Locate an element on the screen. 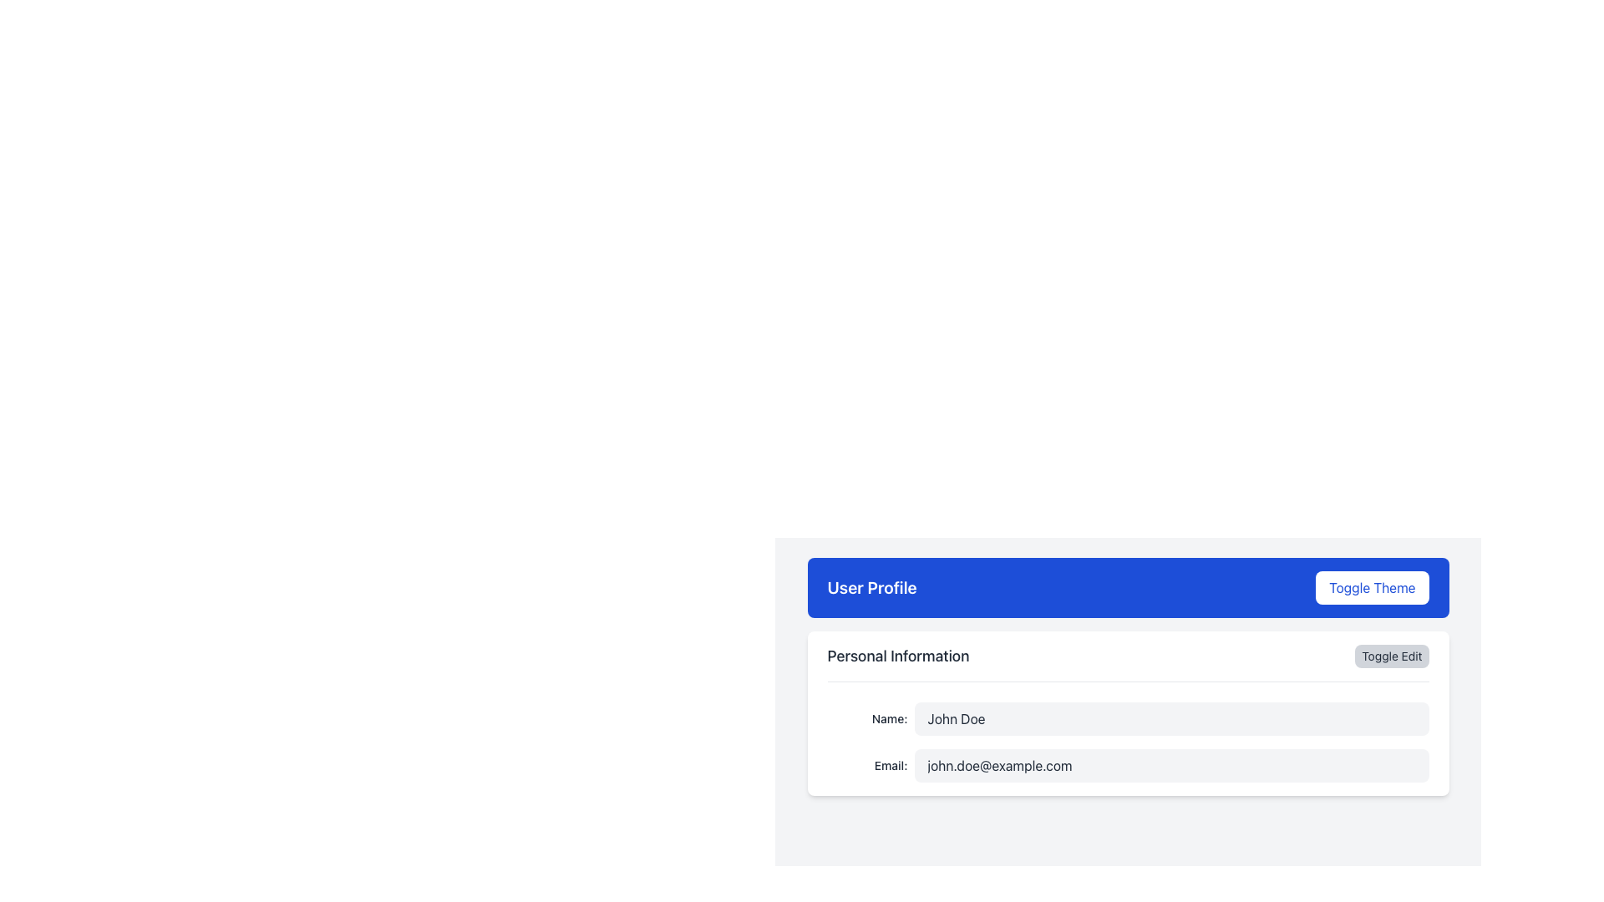  the text label displaying 'Email:', which is right-aligned and positioned in the 'Personal Information' card before the email input box is located at coordinates (867, 766).